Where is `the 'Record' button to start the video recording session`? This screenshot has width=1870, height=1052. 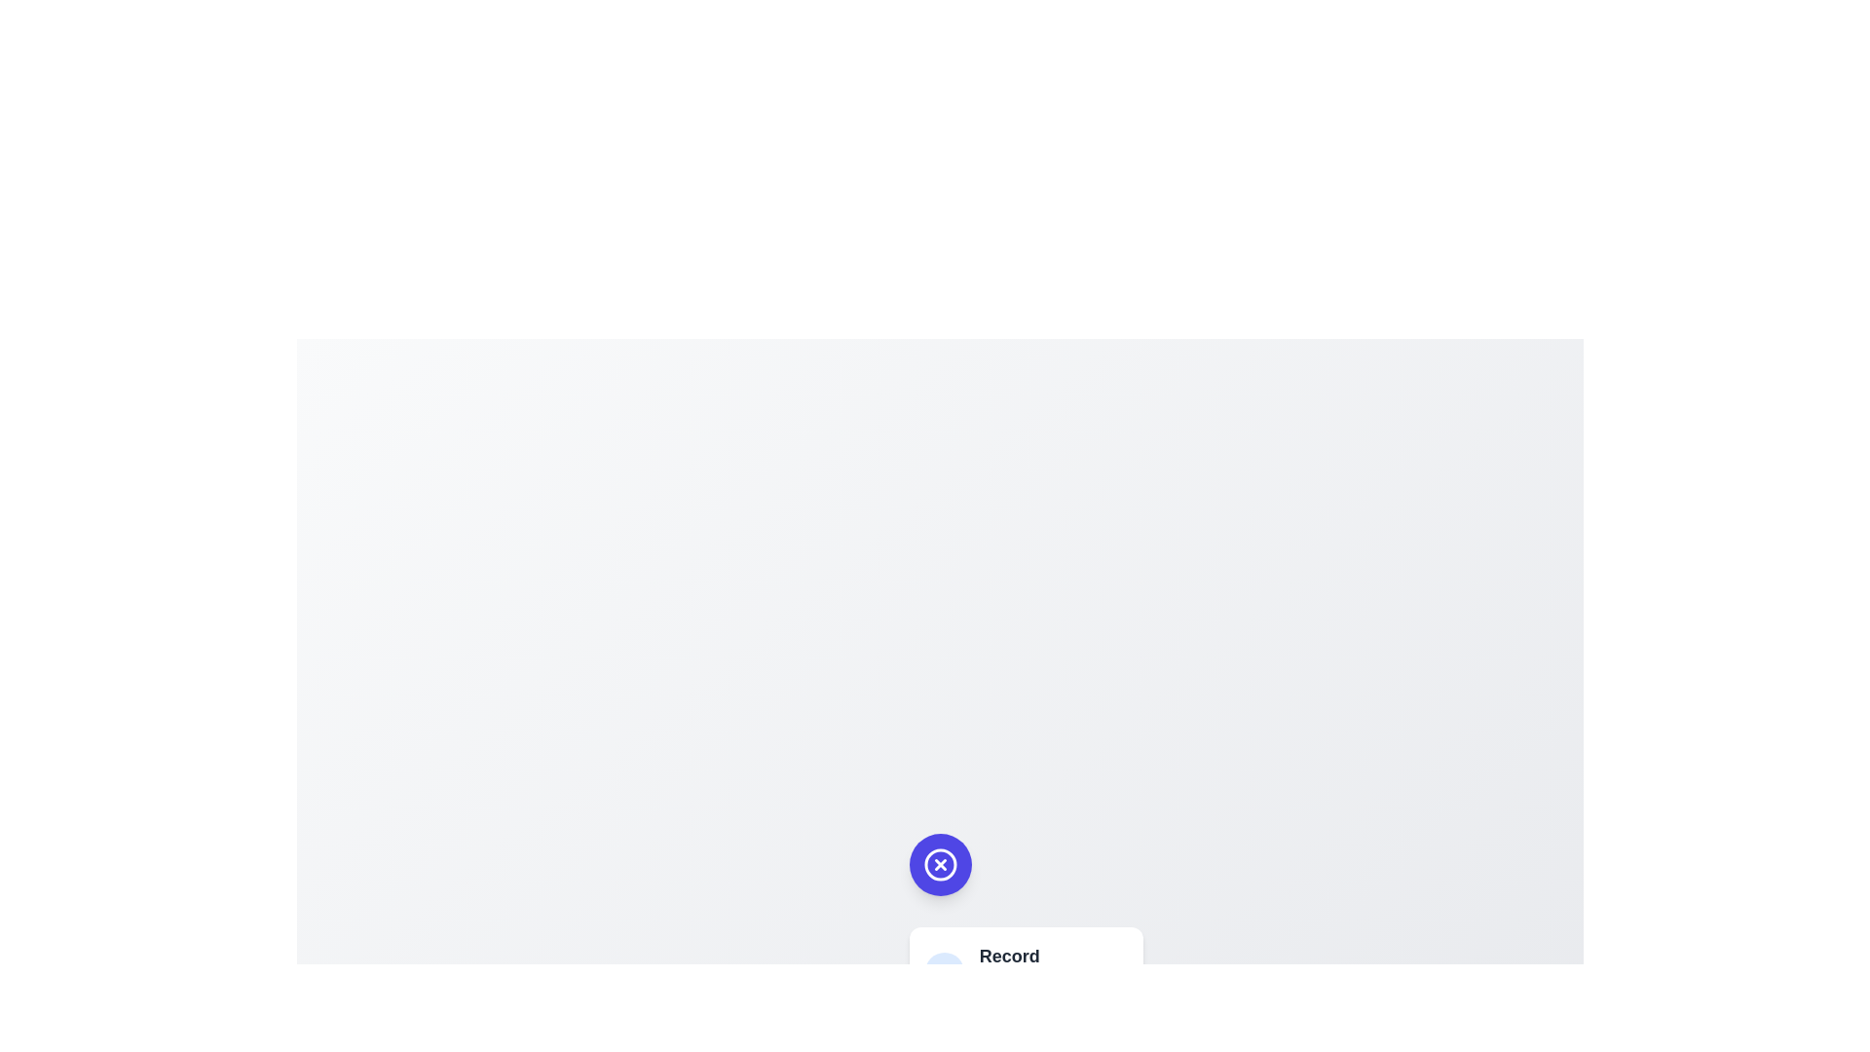 the 'Record' button to start the video recording session is located at coordinates (1025, 976).